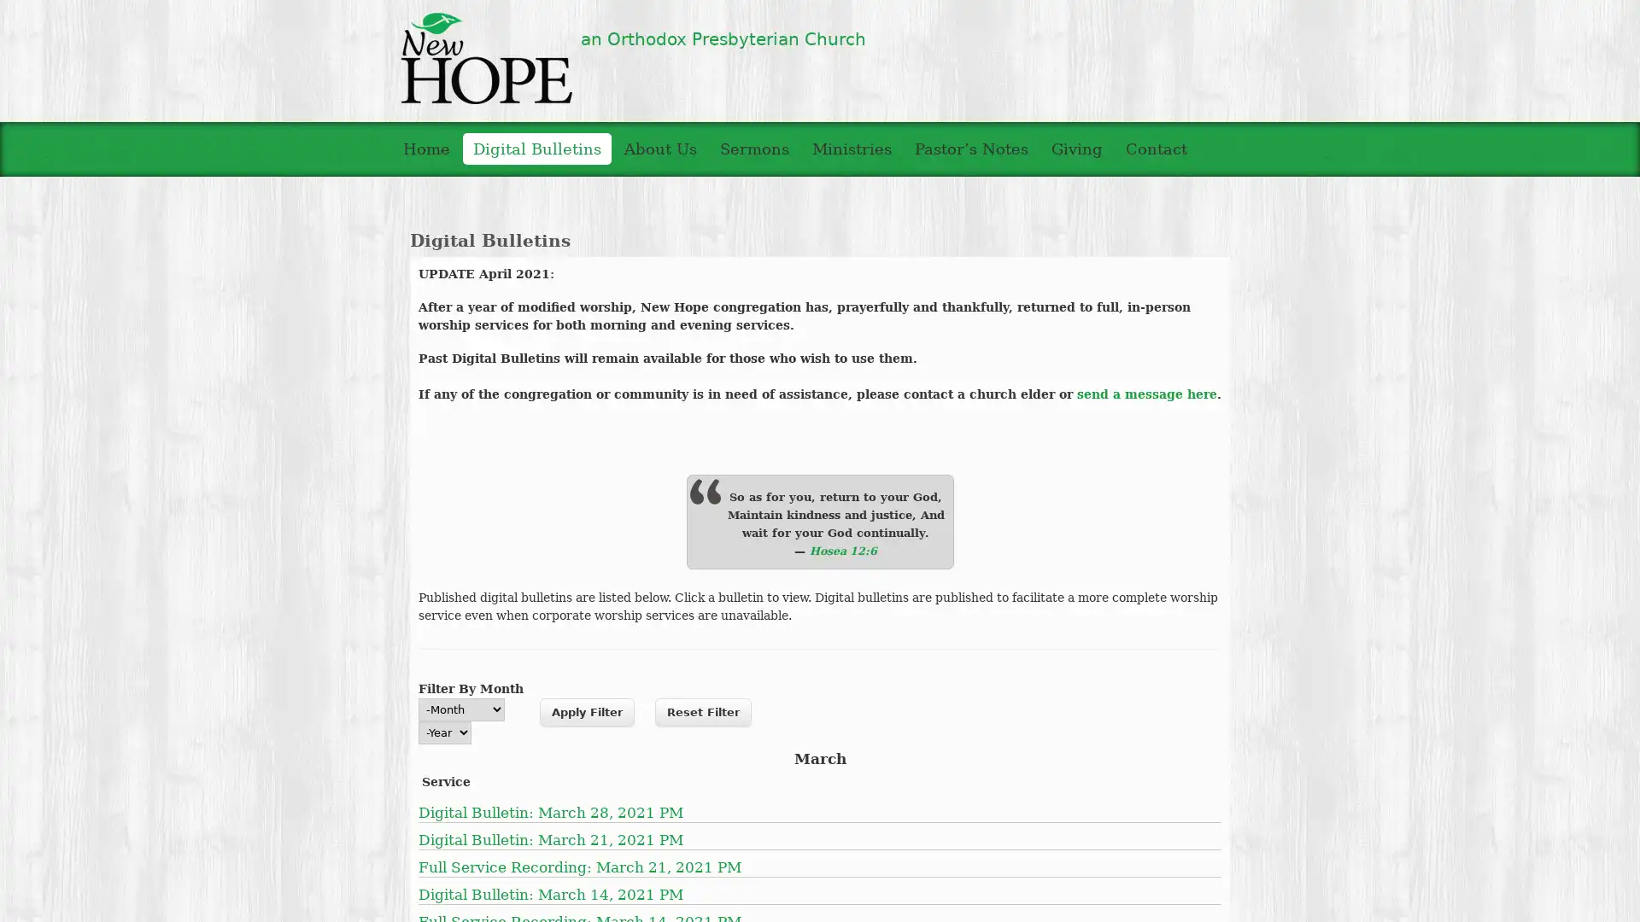  What do you see at coordinates (587, 711) in the screenshot?
I see `Apply Filter` at bounding box center [587, 711].